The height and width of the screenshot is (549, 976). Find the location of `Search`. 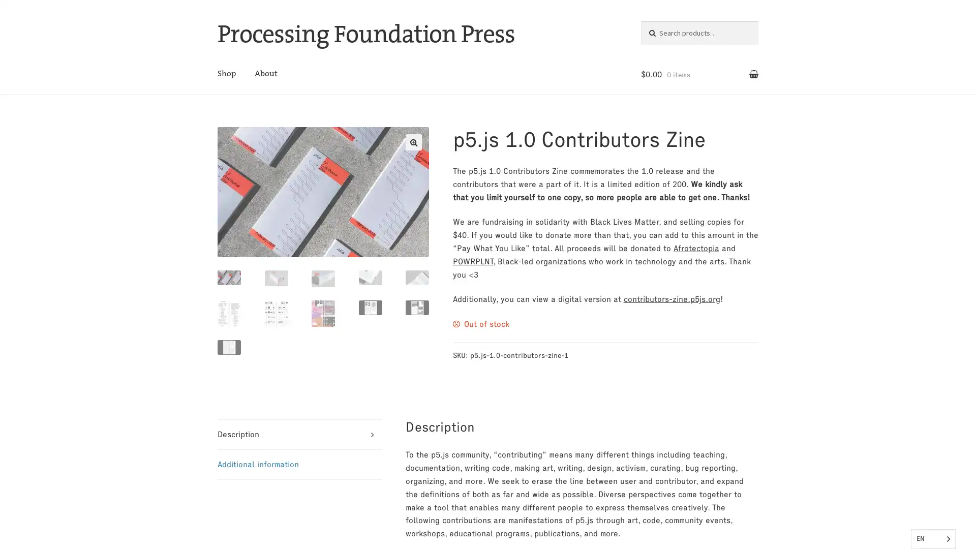

Search is located at coordinates (661, 30).